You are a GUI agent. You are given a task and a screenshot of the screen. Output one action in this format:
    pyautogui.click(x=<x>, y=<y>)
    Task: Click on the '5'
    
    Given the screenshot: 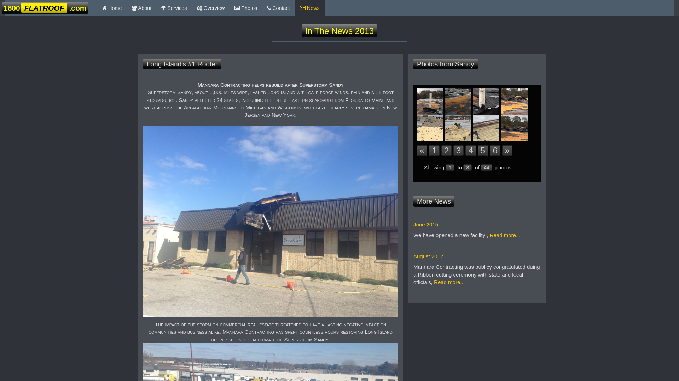 What is the action you would take?
    pyautogui.click(x=482, y=150)
    